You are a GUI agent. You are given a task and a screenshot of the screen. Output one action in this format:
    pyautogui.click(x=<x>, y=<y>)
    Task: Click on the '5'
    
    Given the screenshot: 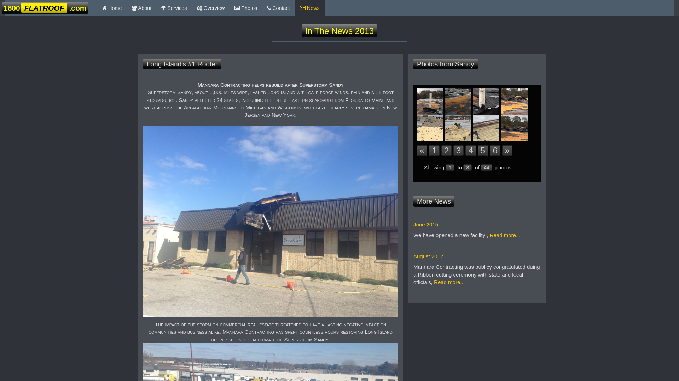 What is the action you would take?
    pyautogui.click(x=482, y=150)
    